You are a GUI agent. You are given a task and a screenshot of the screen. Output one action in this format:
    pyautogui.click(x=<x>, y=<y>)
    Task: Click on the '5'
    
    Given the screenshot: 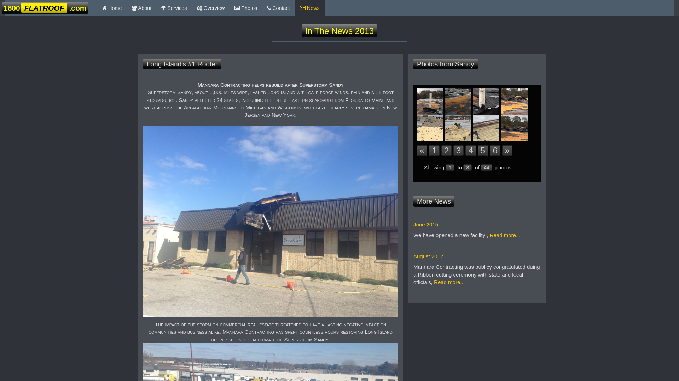 What is the action you would take?
    pyautogui.click(x=482, y=150)
    